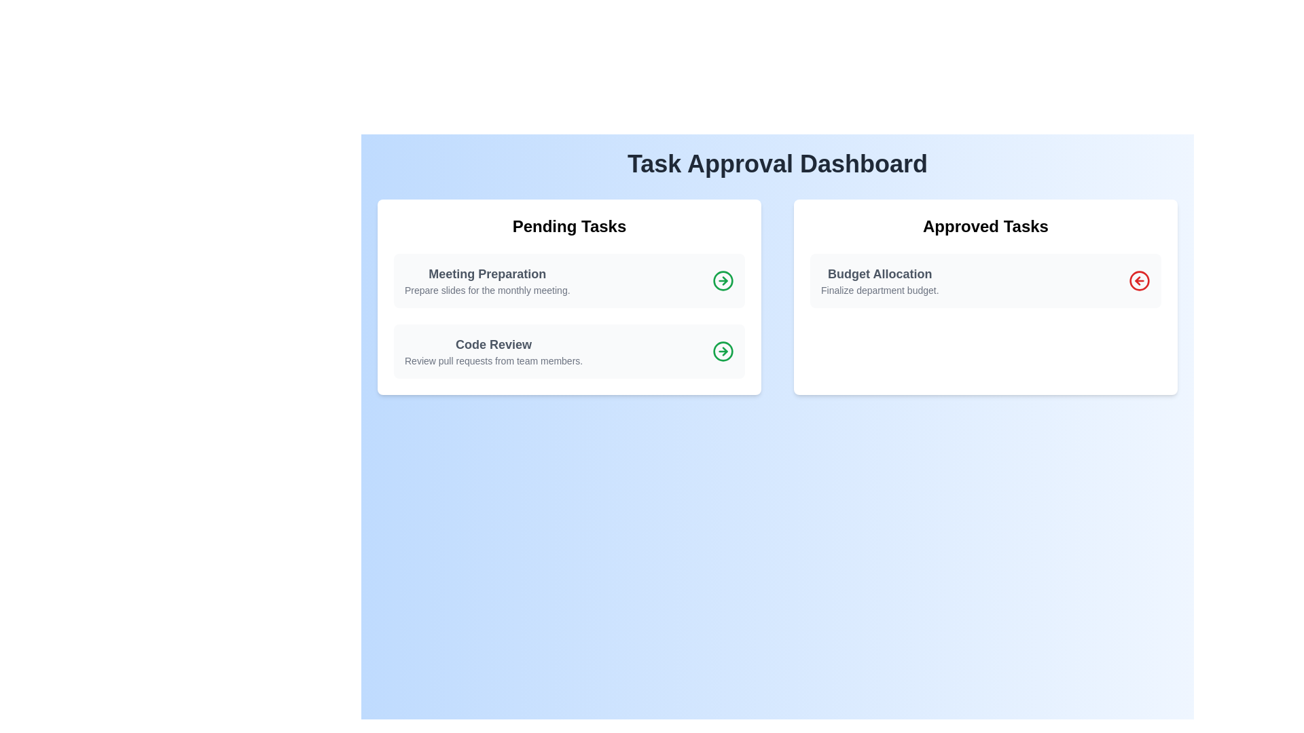  What do you see at coordinates (493, 350) in the screenshot?
I see `the informational text block labeled 'Code Review' within the 'Pending Tasks' section, located below 'Meeting Preparation'` at bounding box center [493, 350].